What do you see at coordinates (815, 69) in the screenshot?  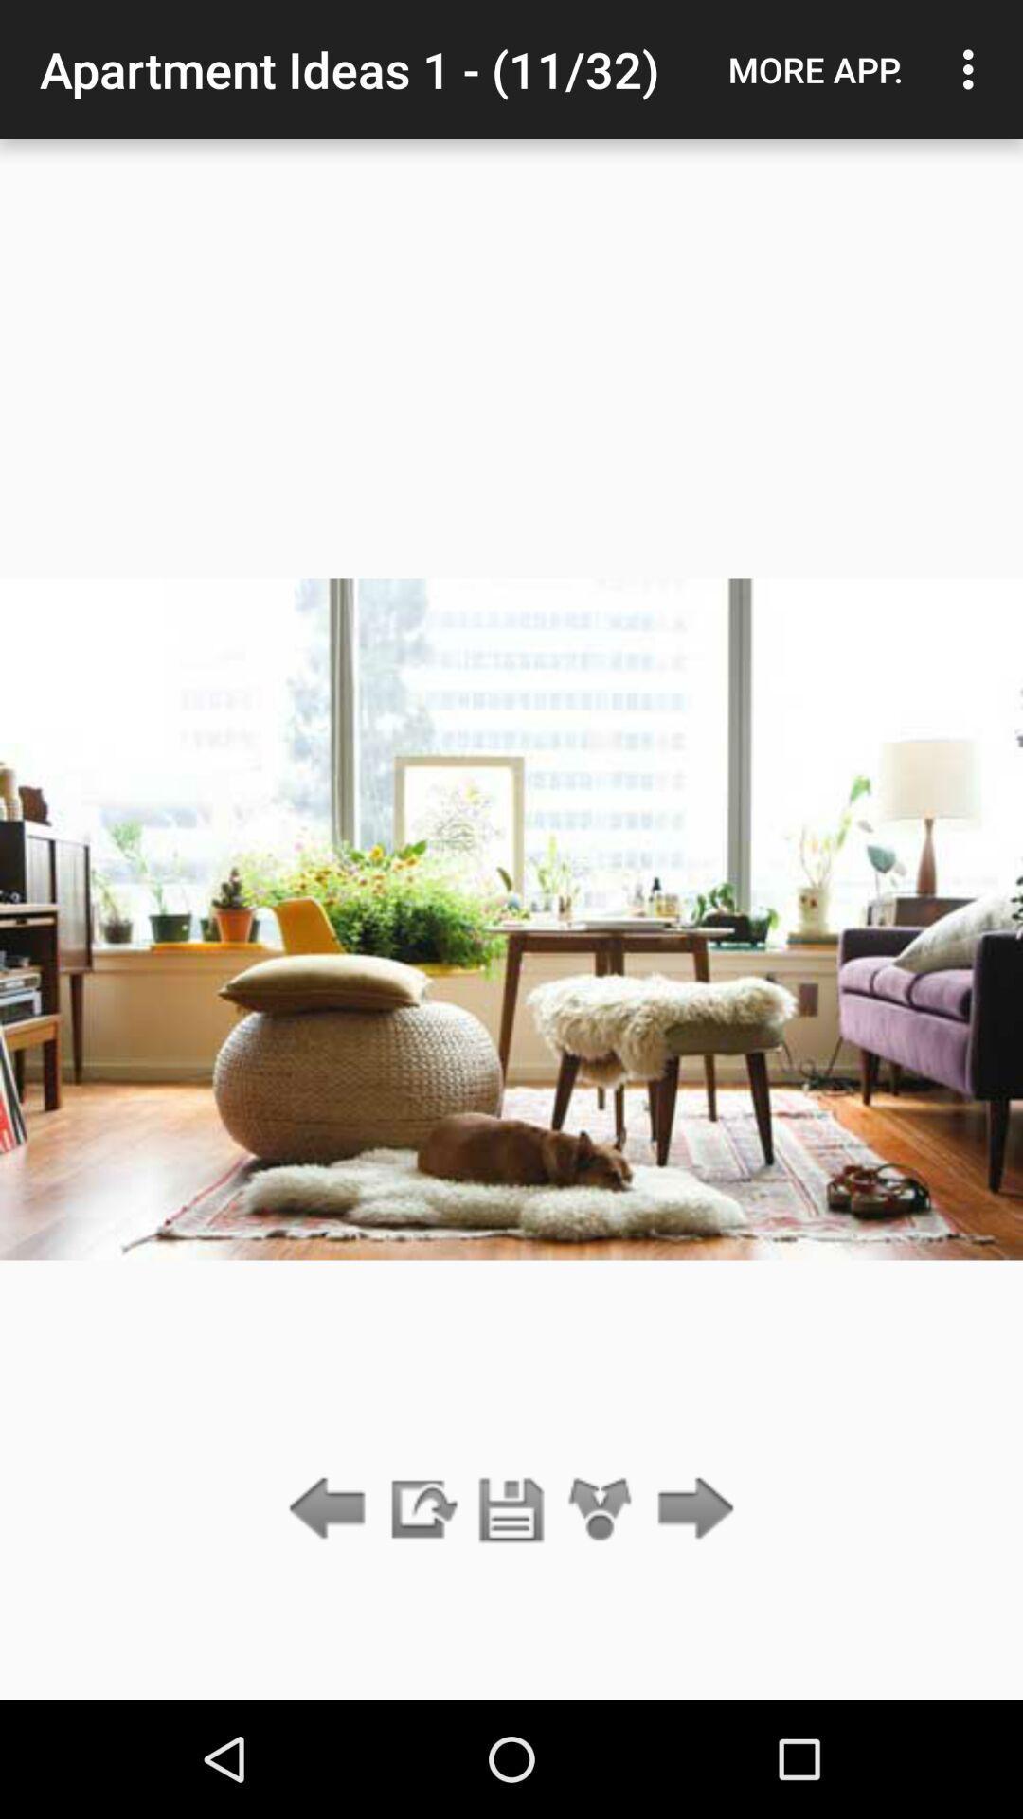 I see `the more app.` at bounding box center [815, 69].